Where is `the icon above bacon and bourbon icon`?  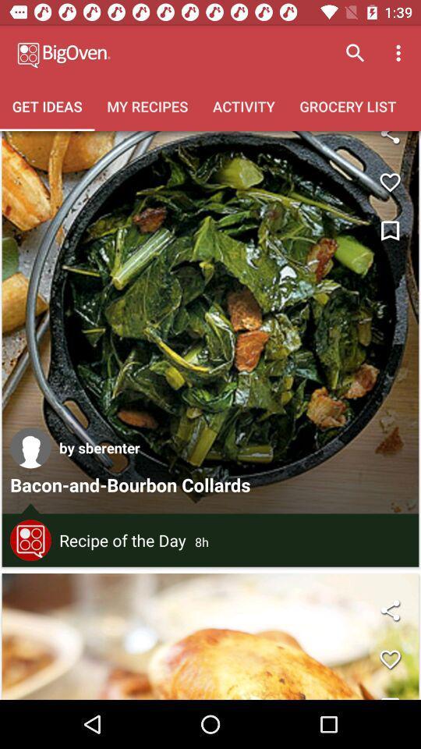 the icon above bacon and bourbon icon is located at coordinates (30, 448).